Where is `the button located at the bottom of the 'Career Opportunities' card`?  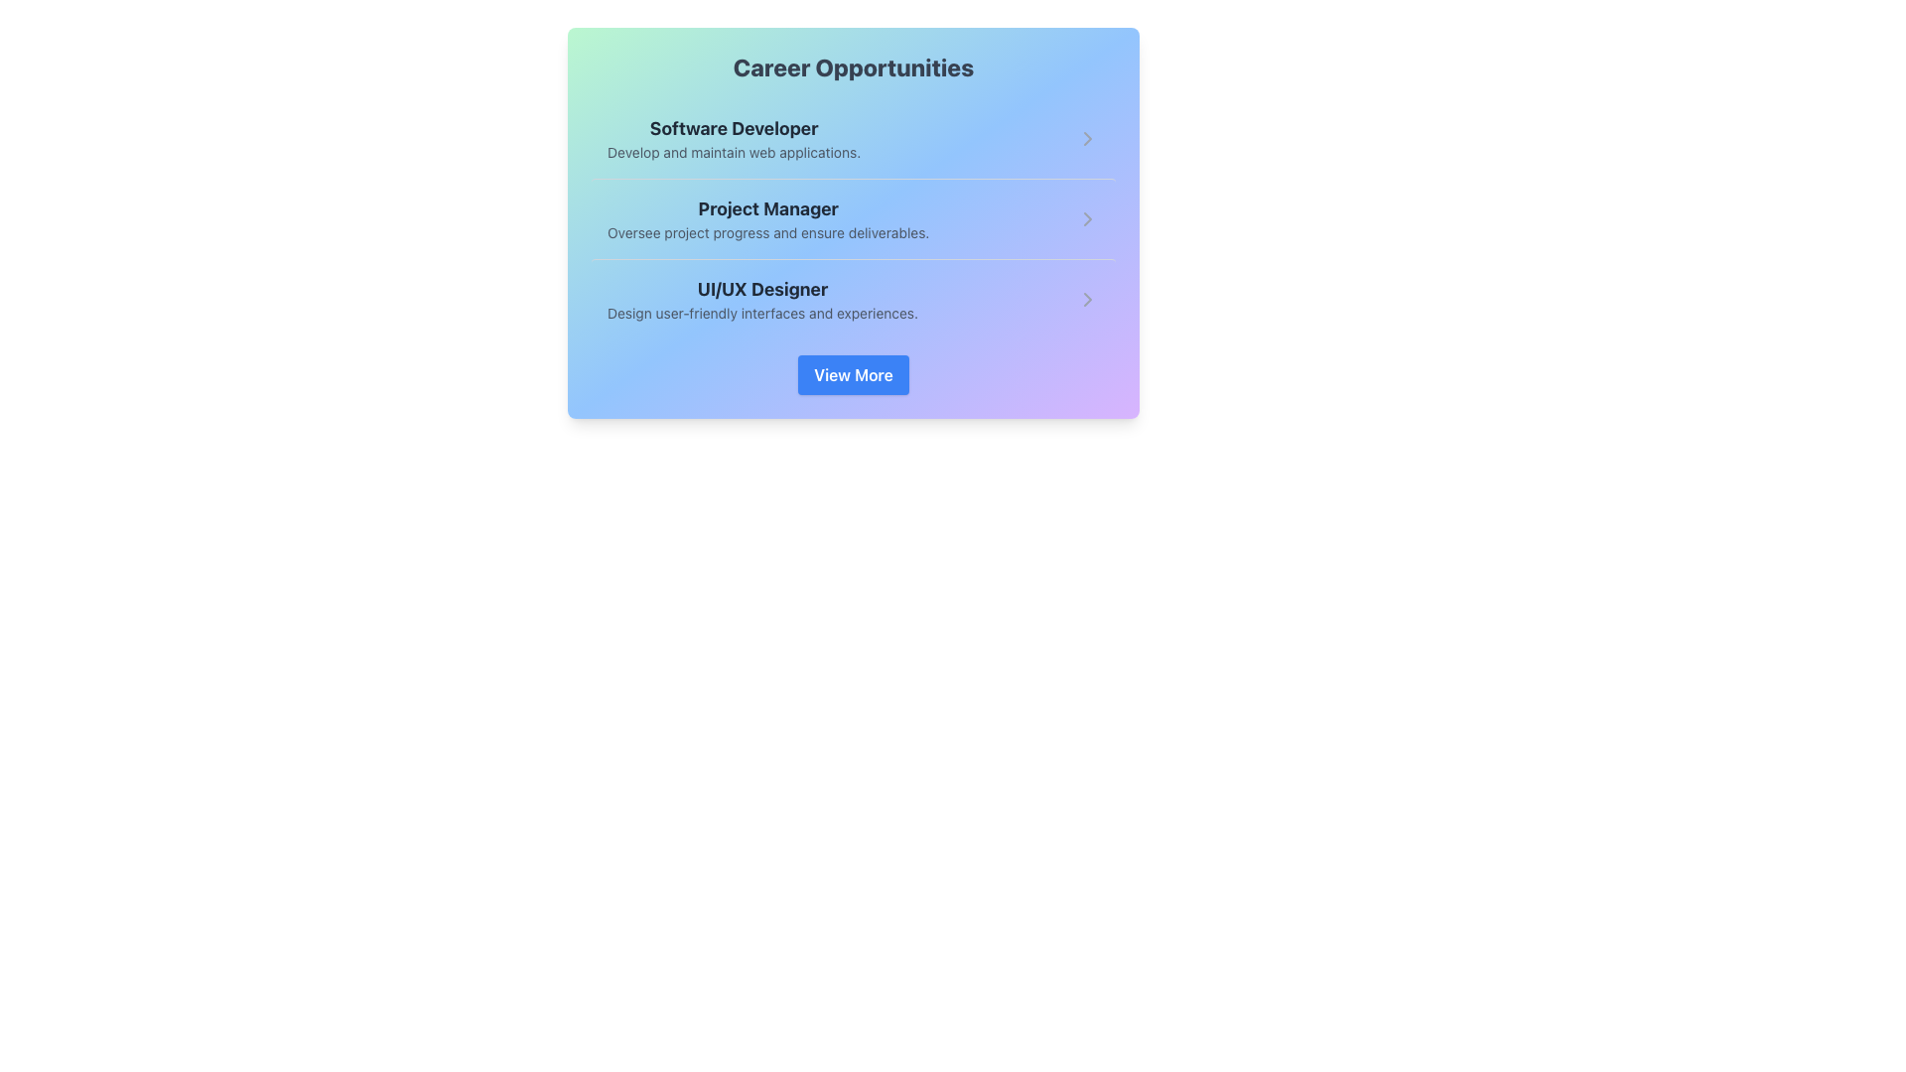
the button located at the bottom of the 'Career Opportunities' card is located at coordinates (853, 375).